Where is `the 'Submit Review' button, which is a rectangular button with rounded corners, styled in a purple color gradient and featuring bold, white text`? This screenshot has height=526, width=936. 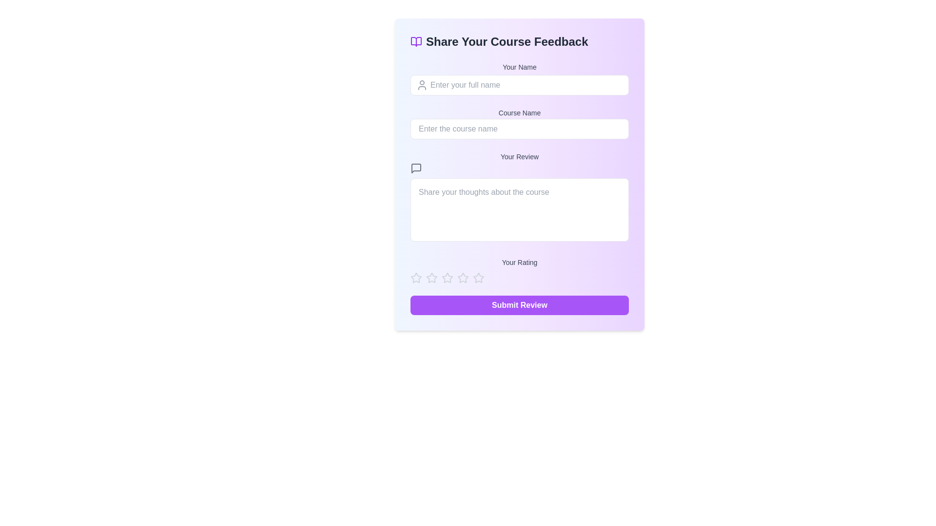 the 'Submit Review' button, which is a rectangular button with rounded corners, styled in a purple color gradient and featuring bold, white text is located at coordinates (519, 305).